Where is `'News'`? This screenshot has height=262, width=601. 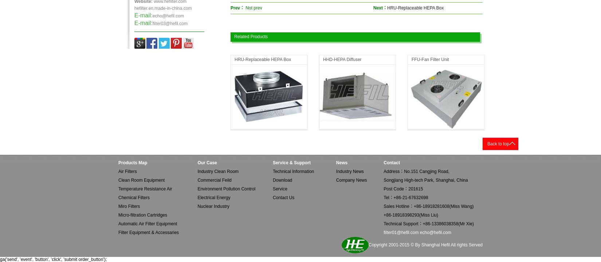 'News' is located at coordinates (342, 163).